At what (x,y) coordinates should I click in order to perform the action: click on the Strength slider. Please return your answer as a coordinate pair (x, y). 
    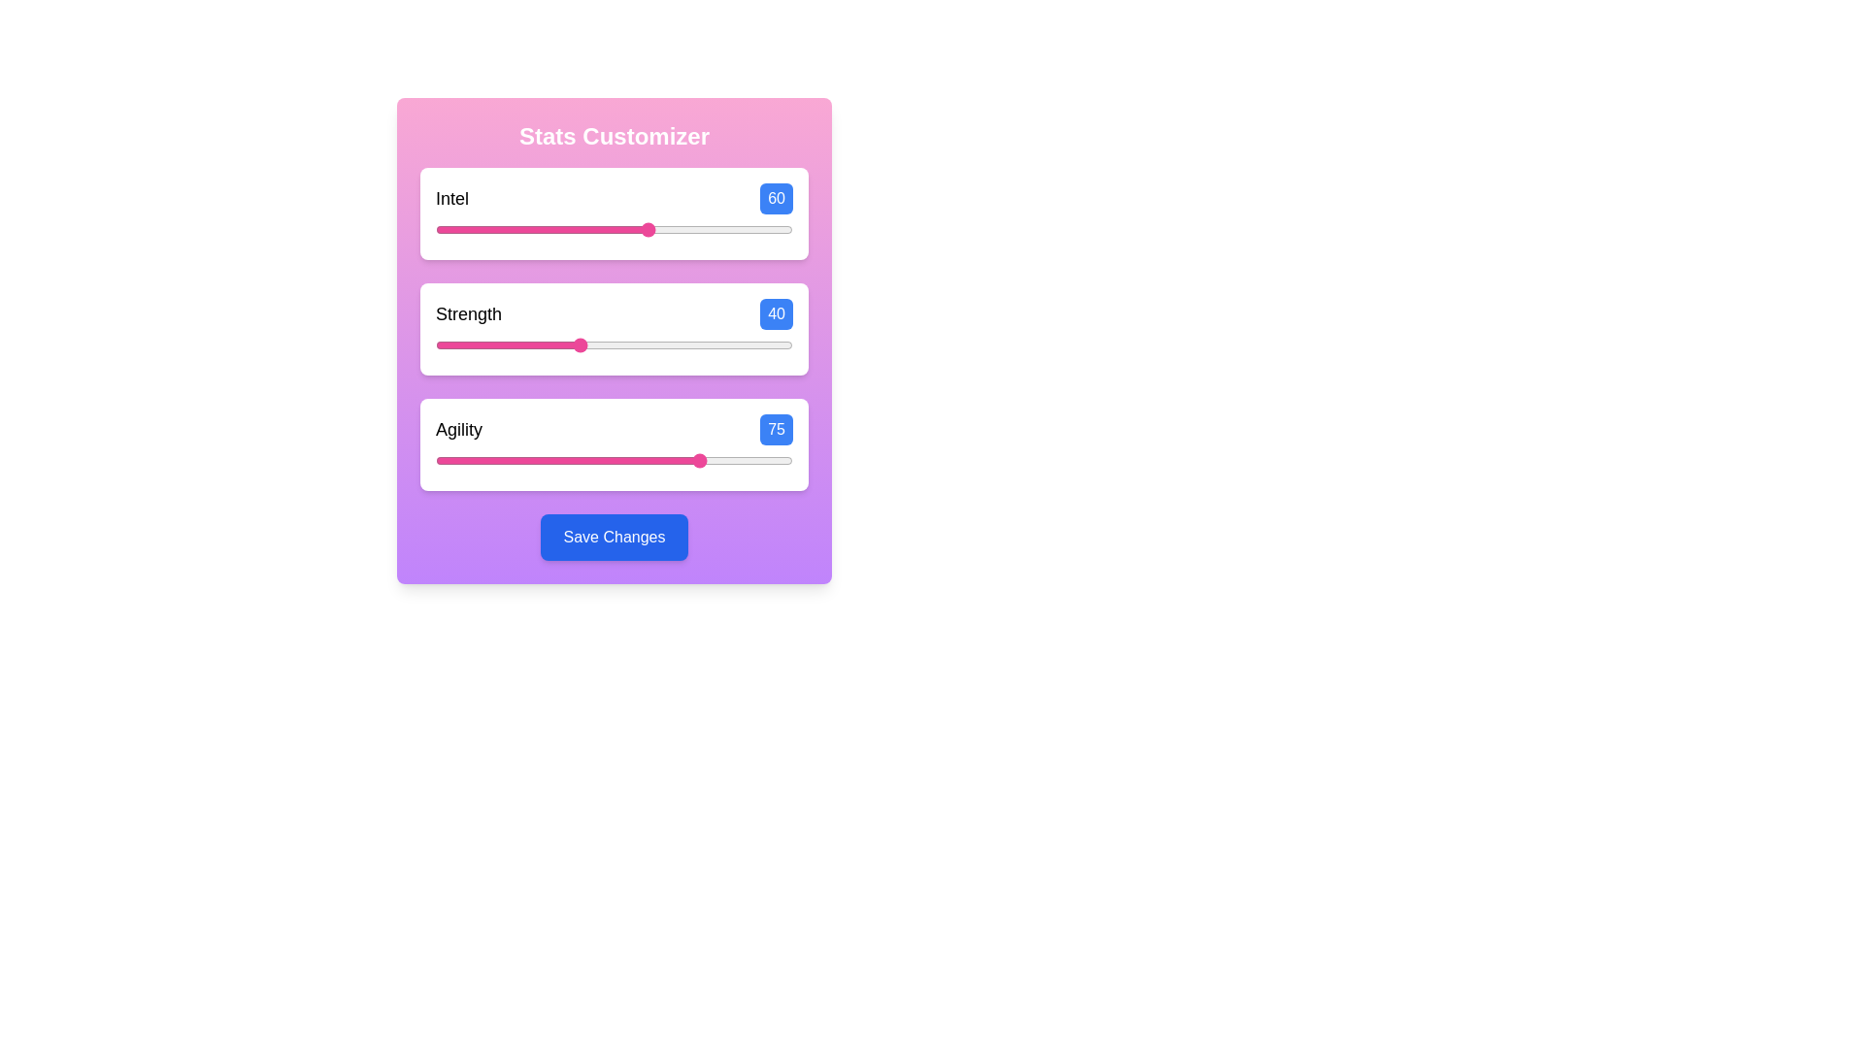
    Looking at the image, I should click on (449, 344).